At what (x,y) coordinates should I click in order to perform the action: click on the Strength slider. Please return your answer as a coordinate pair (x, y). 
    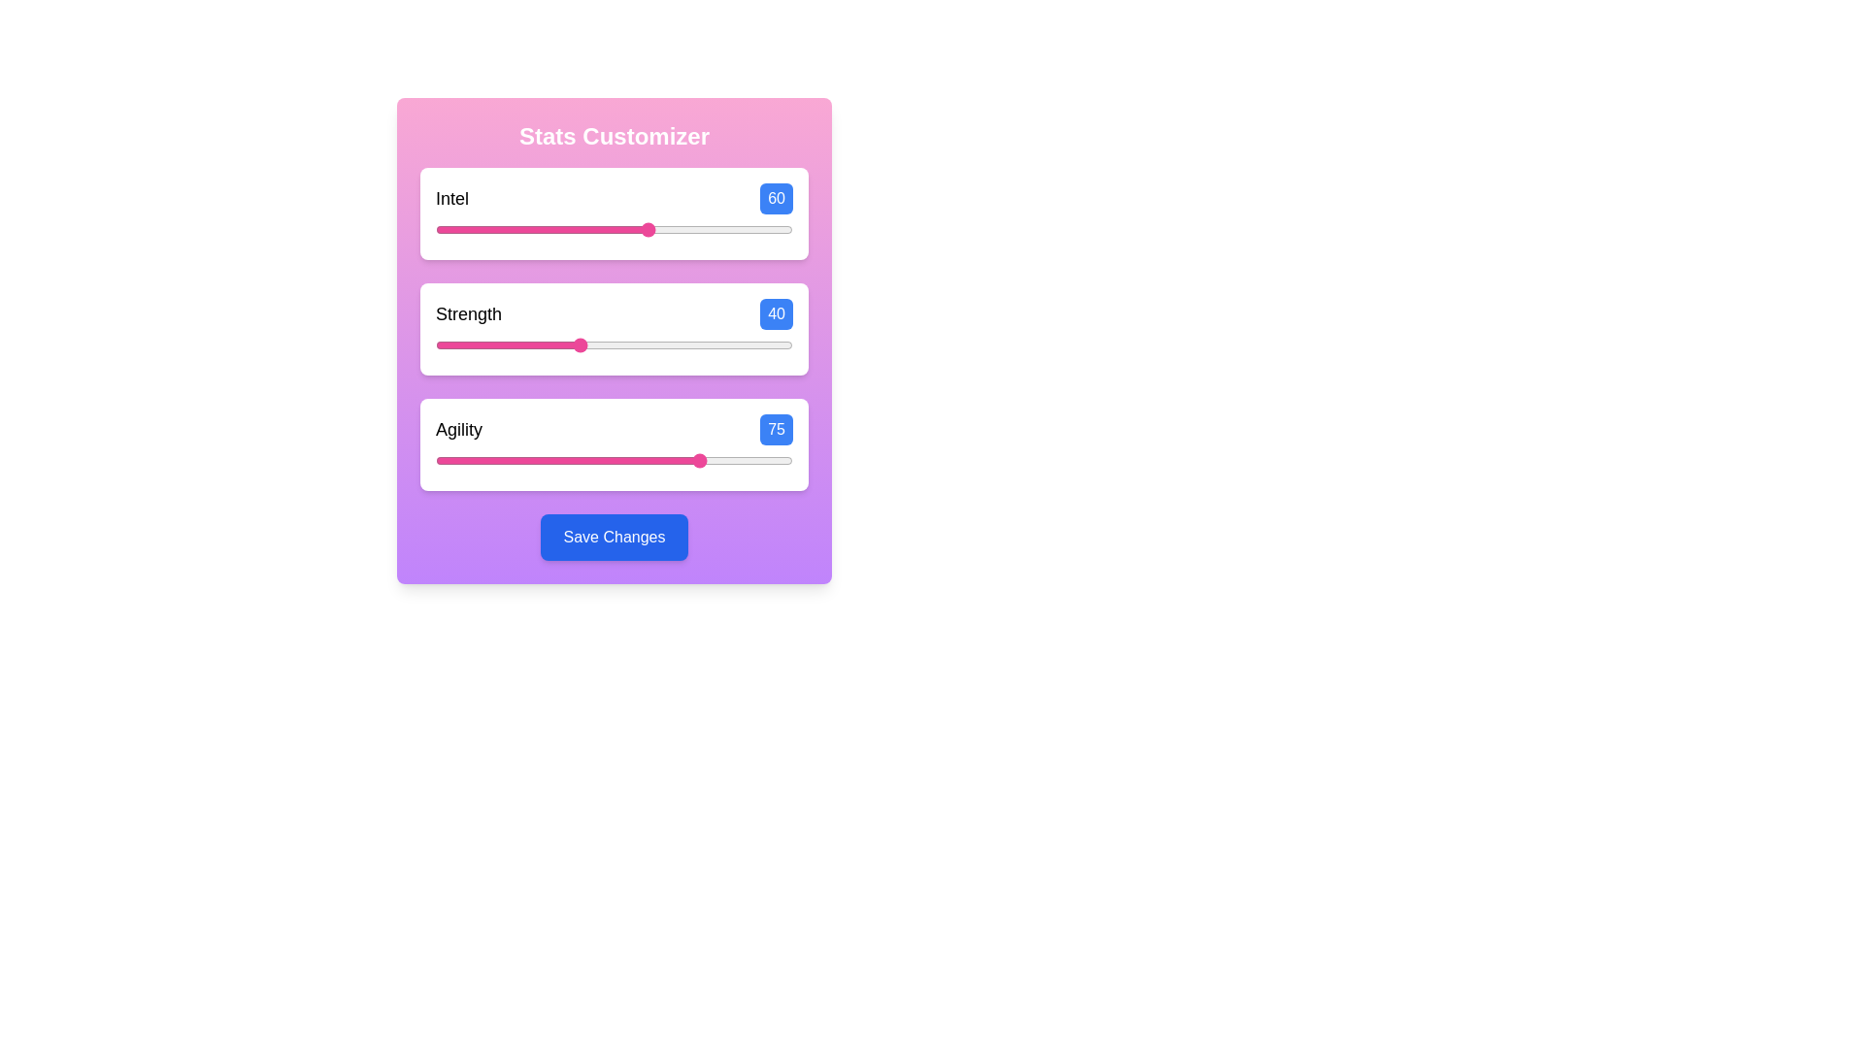
    Looking at the image, I should click on (449, 344).